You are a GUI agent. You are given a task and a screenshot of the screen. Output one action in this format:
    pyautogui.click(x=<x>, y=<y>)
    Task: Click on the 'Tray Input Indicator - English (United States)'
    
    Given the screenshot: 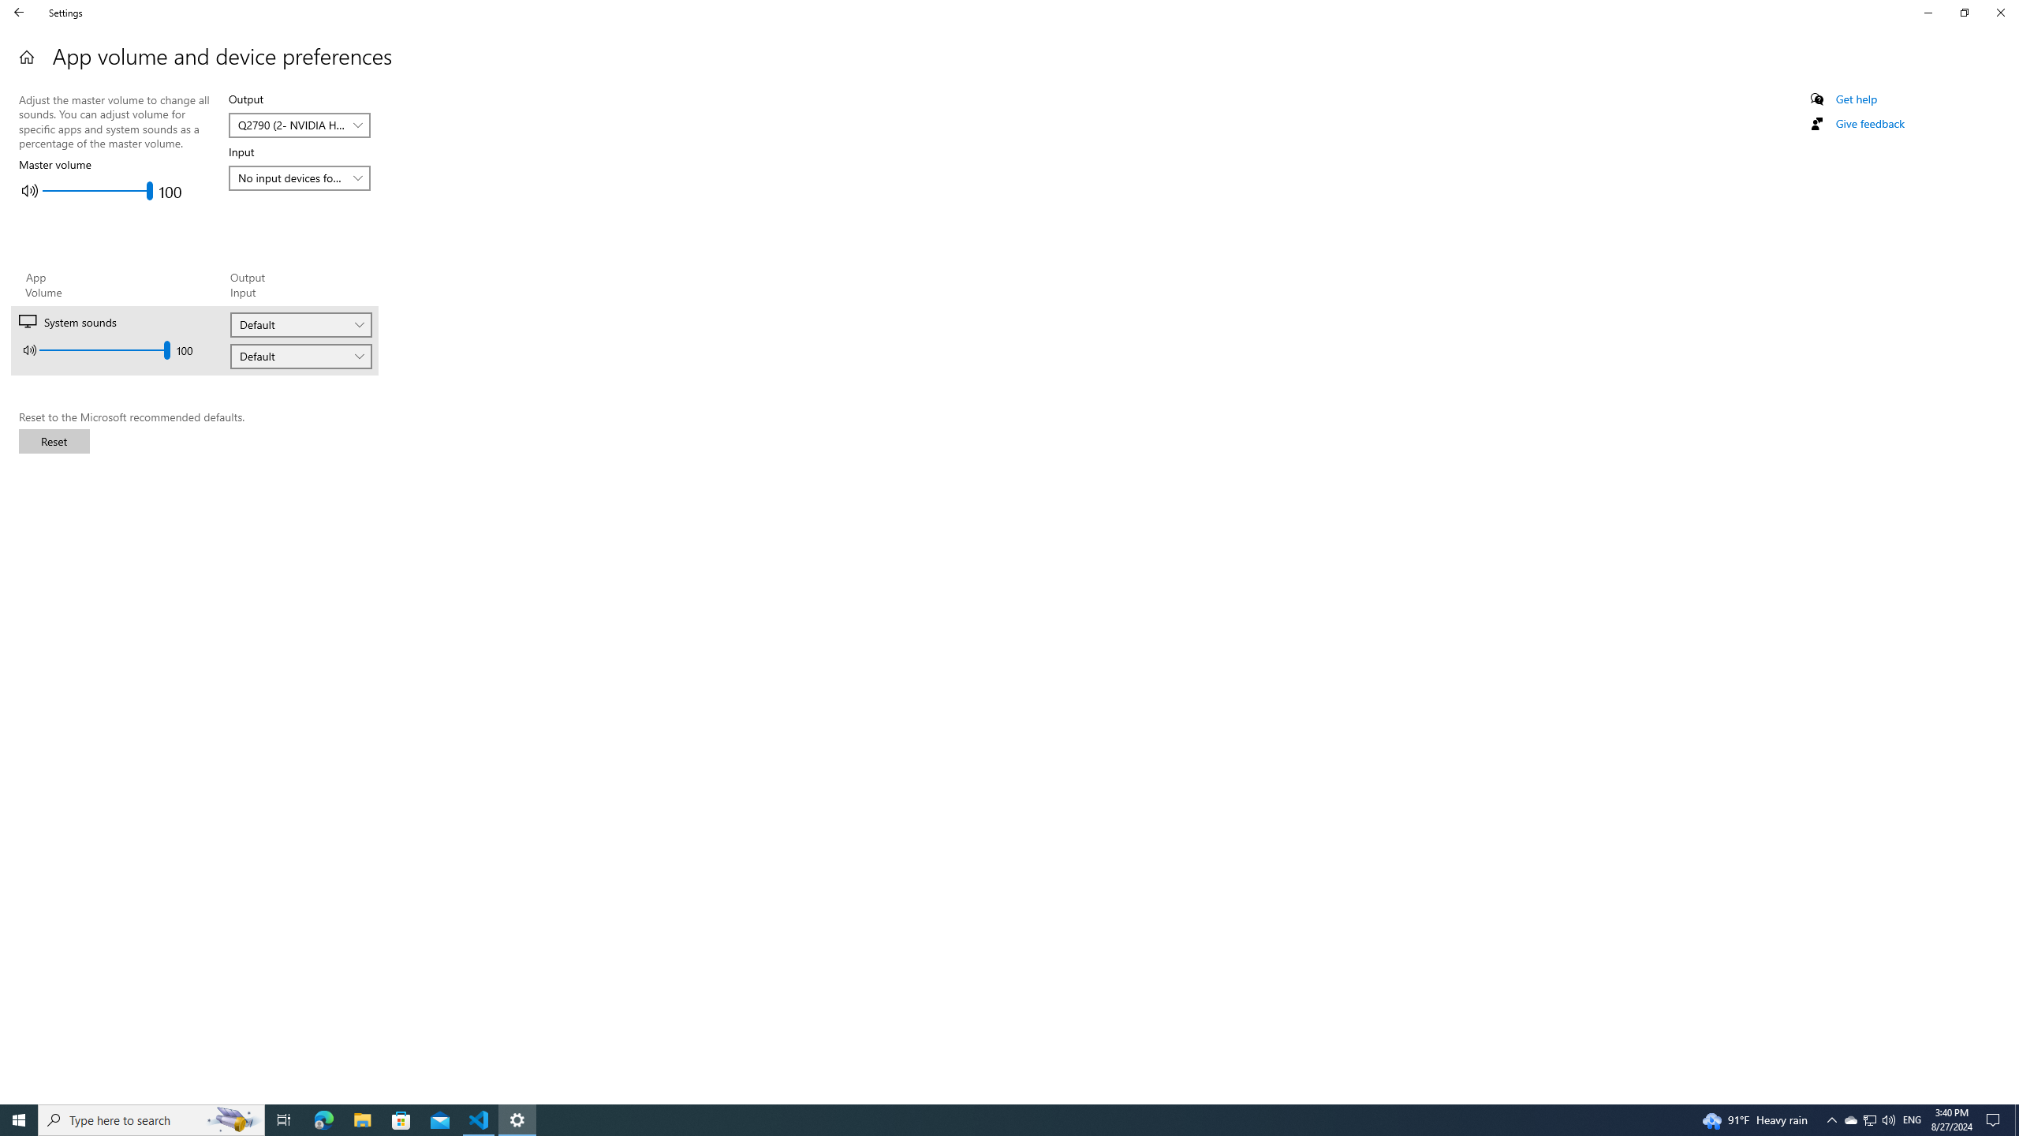 What is the action you would take?
    pyautogui.click(x=1912, y=1119)
    